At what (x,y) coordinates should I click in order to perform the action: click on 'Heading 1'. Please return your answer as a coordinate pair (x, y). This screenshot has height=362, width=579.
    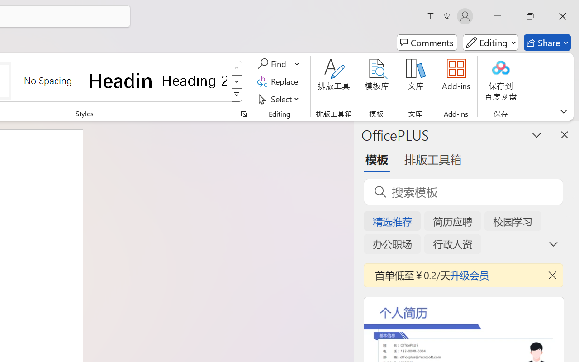
    Looking at the image, I should click on (121, 80).